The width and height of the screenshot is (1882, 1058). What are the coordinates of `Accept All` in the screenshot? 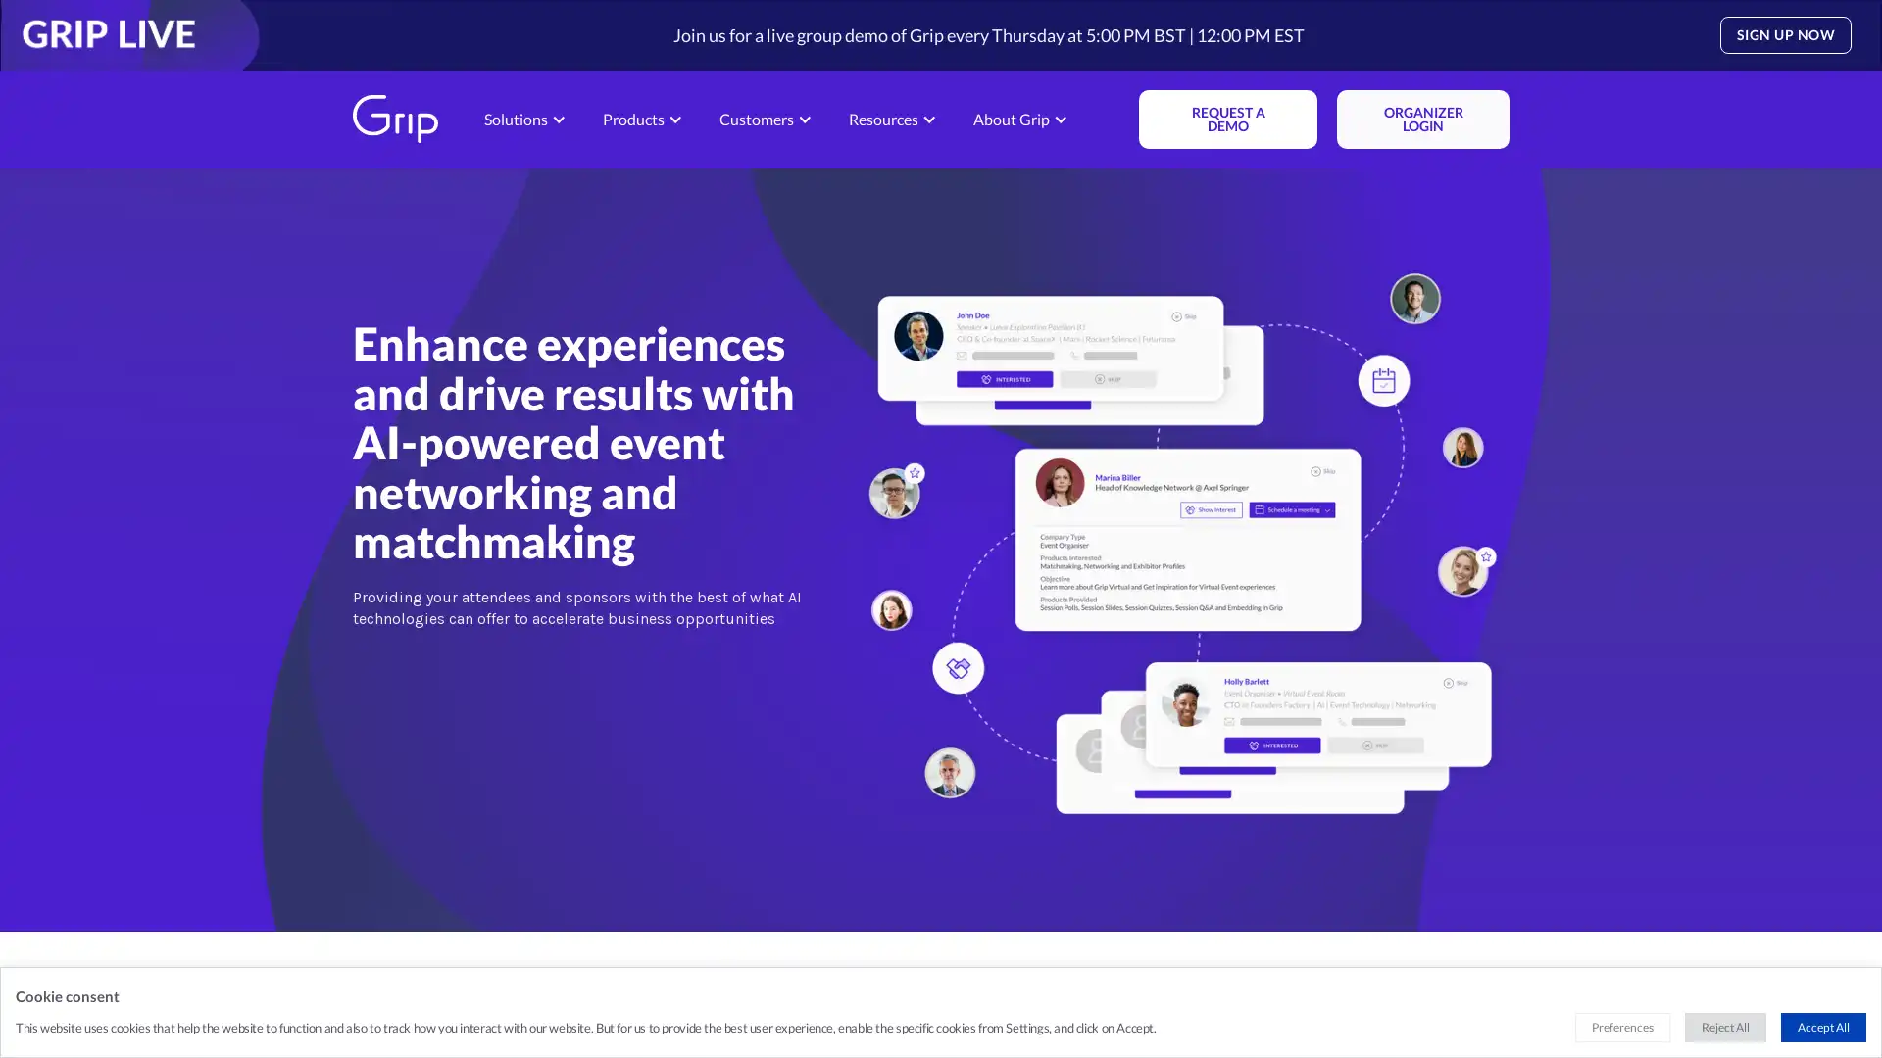 It's located at (1822, 1027).